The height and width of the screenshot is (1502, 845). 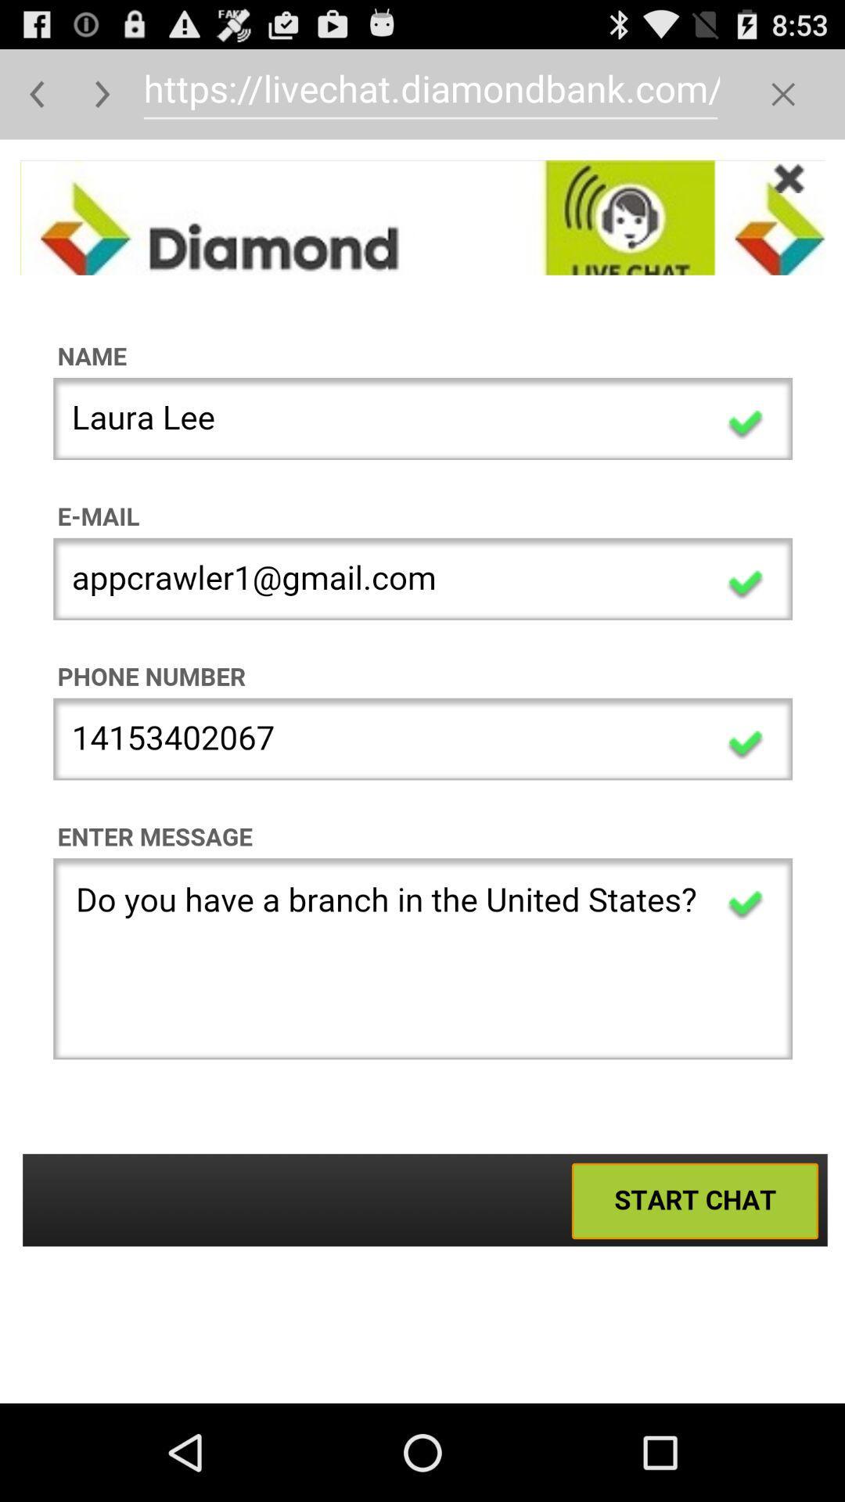 What do you see at coordinates (783, 93) in the screenshot?
I see `button` at bounding box center [783, 93].